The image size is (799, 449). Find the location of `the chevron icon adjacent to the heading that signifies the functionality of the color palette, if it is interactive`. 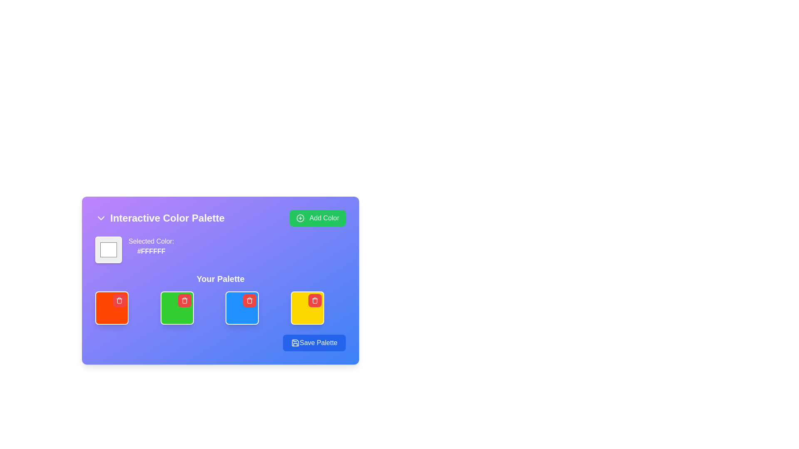

the chevron icon adjacent to the heading that signifies the functionality of the color palette, if it is interactive is located at coordinates (160, 217).